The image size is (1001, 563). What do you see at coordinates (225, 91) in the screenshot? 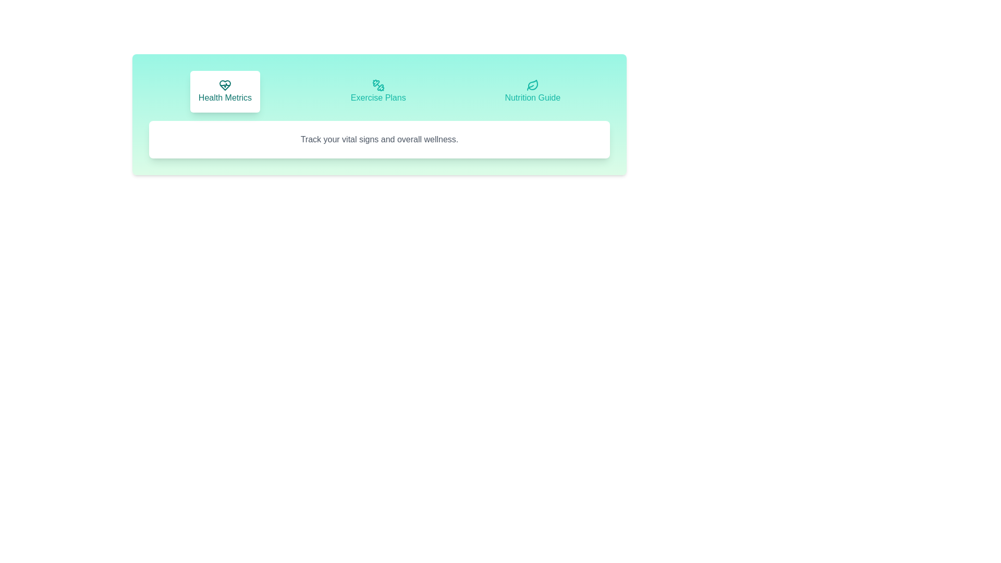
I see `the tab button labeled Health Metrics` at bounding box center [225, 91].